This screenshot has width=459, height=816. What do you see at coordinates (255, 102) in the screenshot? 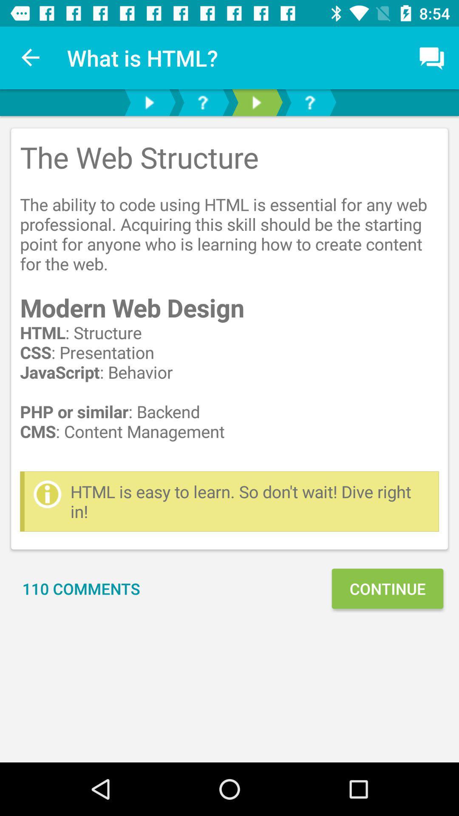
I see `next` at bounding box center [255, 102].